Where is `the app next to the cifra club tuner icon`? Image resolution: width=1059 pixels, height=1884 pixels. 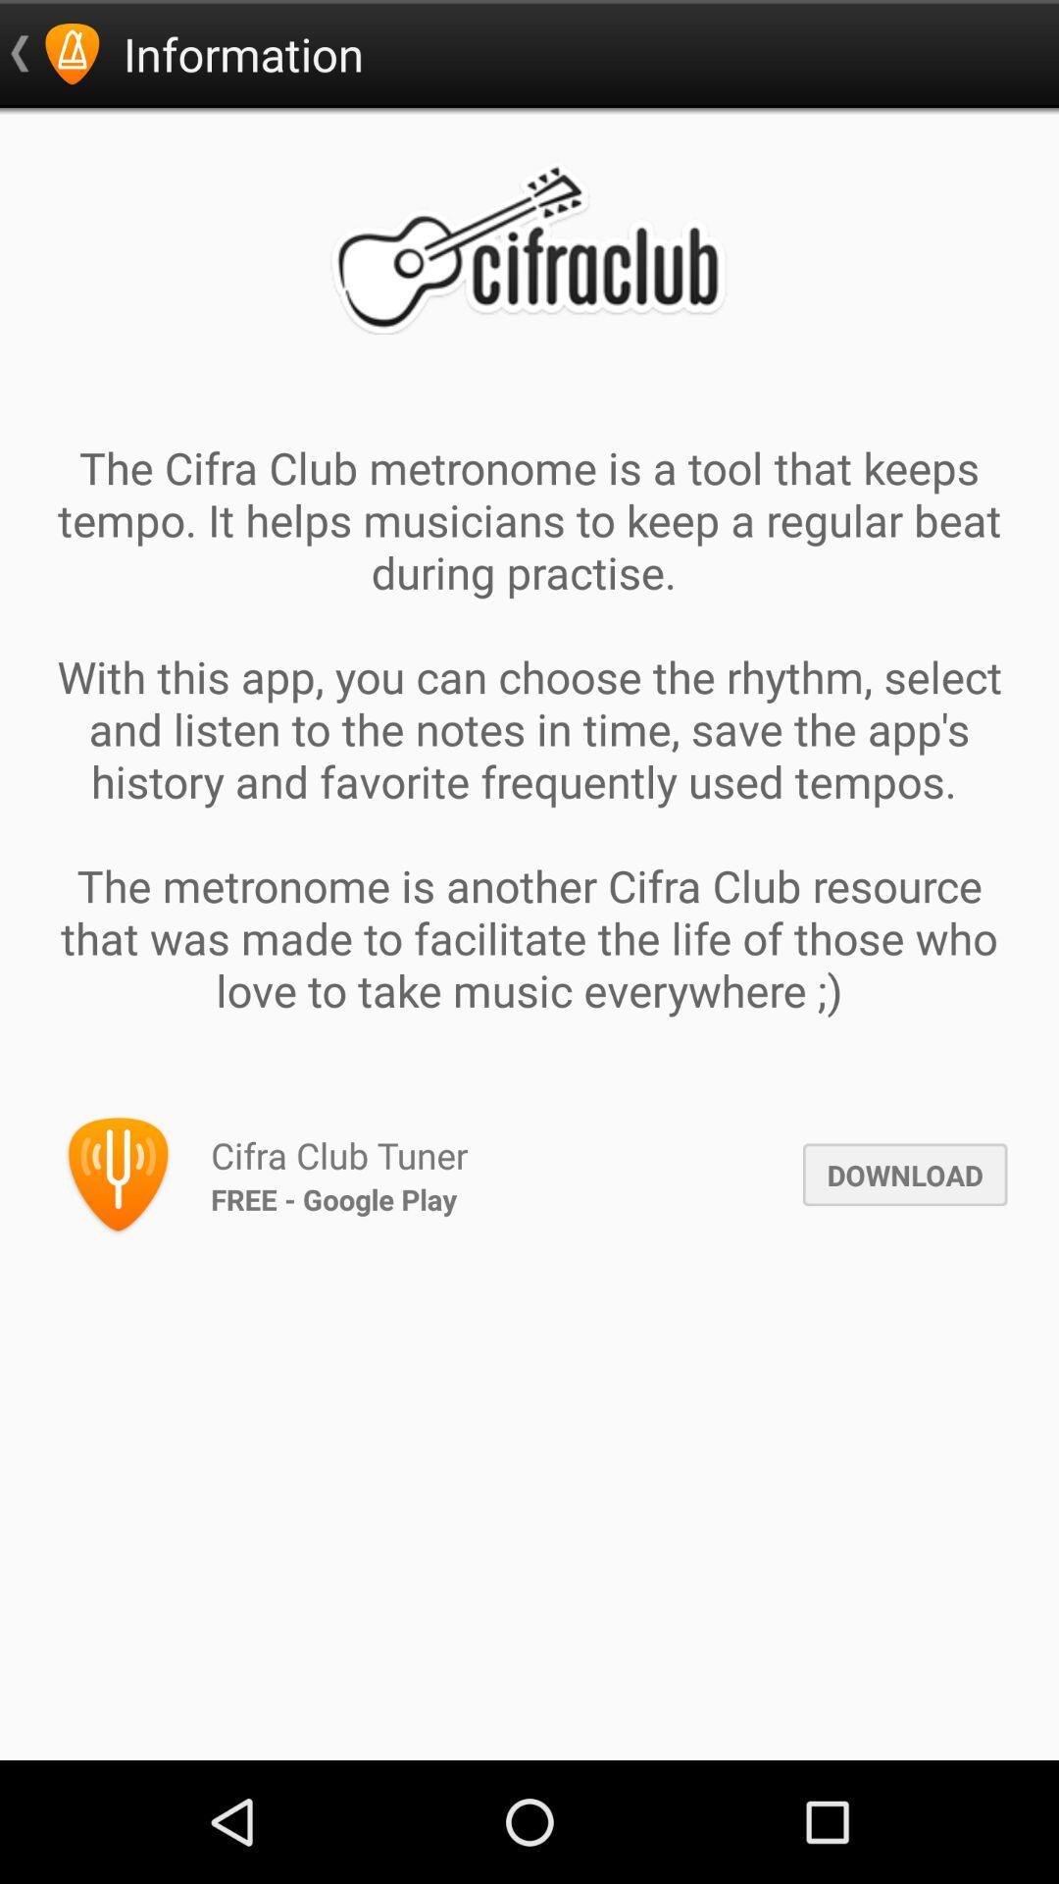 the app next to the cifra club tuner icon is located at coordinates (905, 1175).